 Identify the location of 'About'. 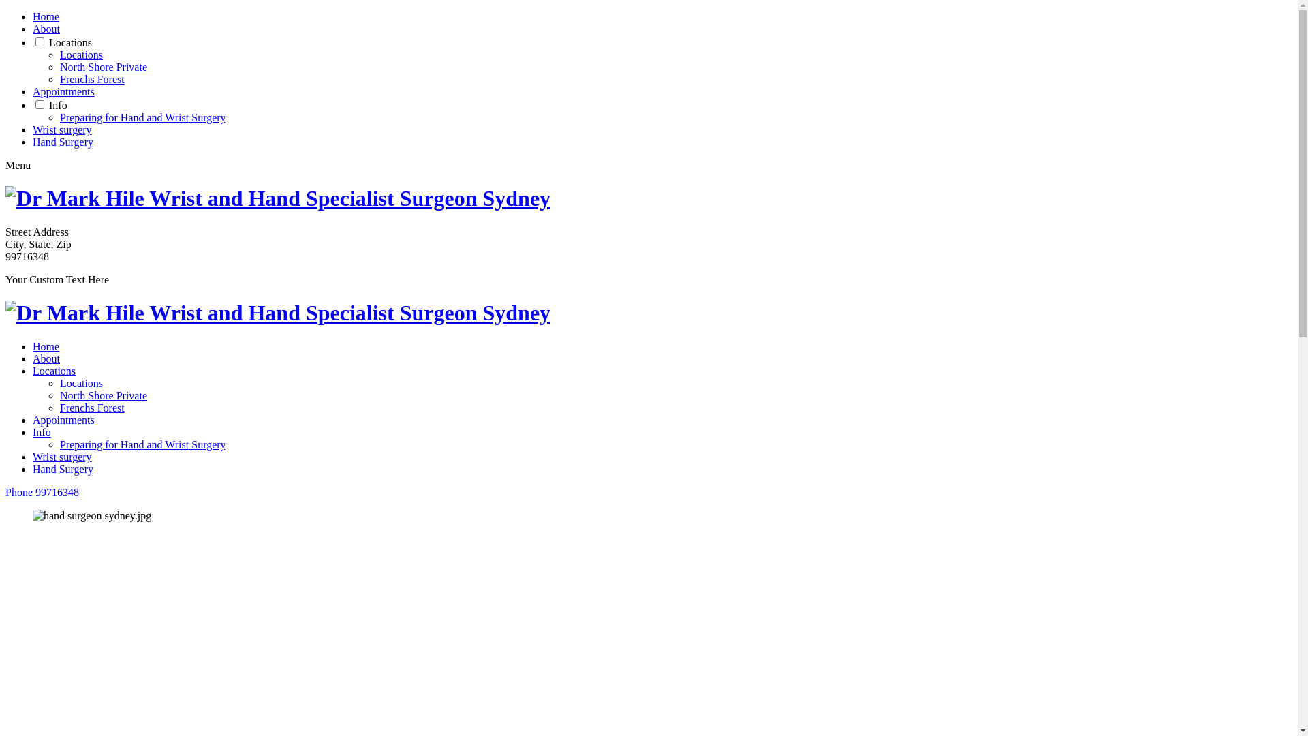
(46, 358).